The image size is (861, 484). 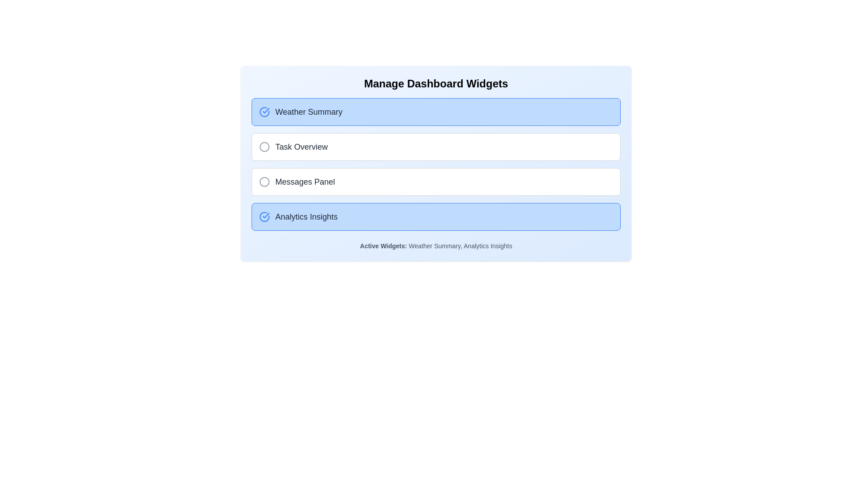 What do you see at coordinates (264, 146) in the screenshot?
I see `the decorative circle icon with an outlined stroke associated with the 'Task Overview' item, located as the second item in the vertical list between 'Weather Summary' and 'Messages Panel'` at bounding box center [264, 146].